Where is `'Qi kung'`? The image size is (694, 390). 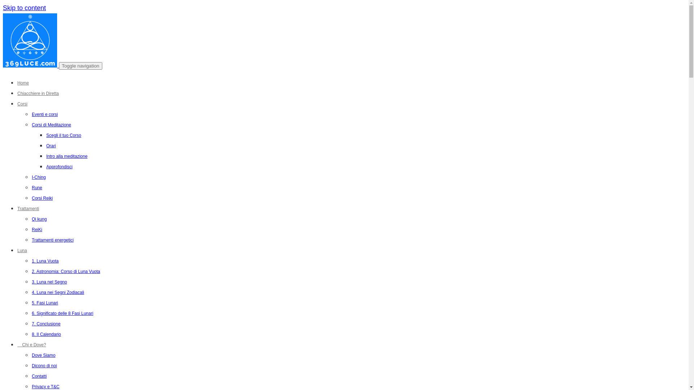
'Qi kung' is located at coordinates (39, 218).